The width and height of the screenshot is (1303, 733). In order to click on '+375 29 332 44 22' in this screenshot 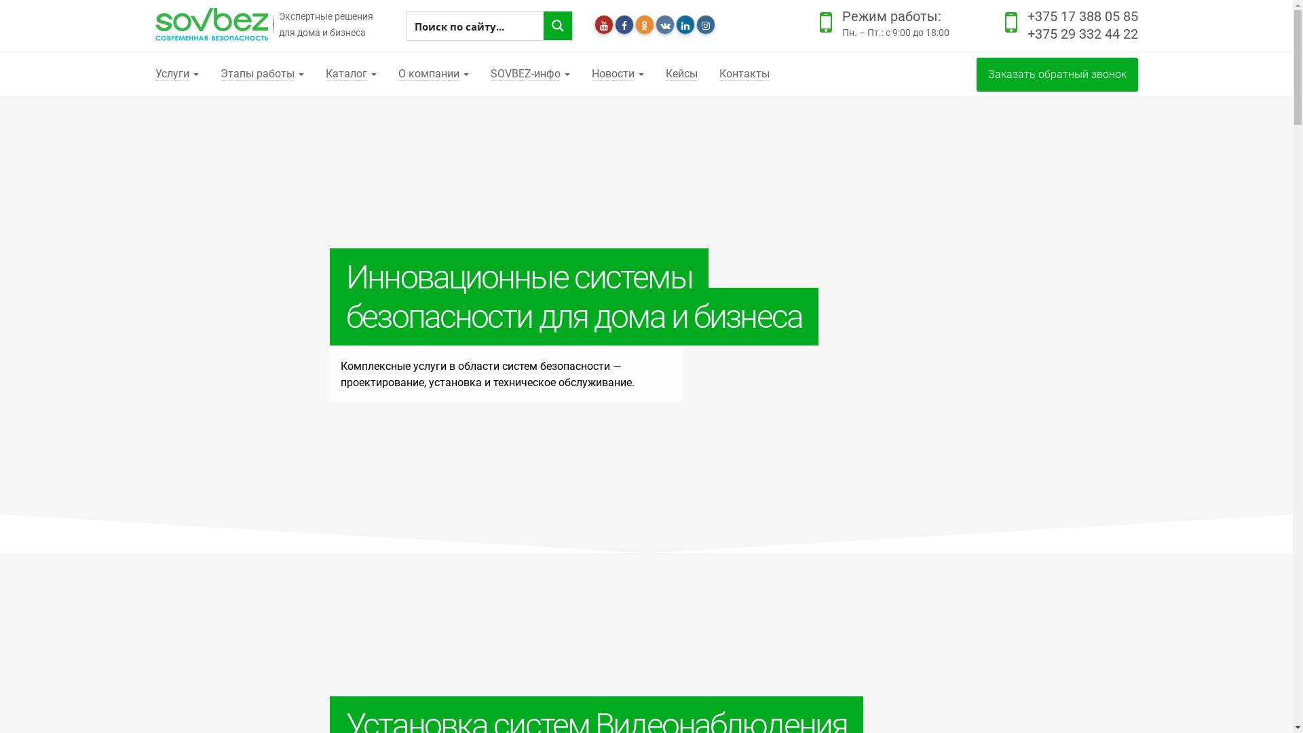, I will do `click(1082, 33)`.